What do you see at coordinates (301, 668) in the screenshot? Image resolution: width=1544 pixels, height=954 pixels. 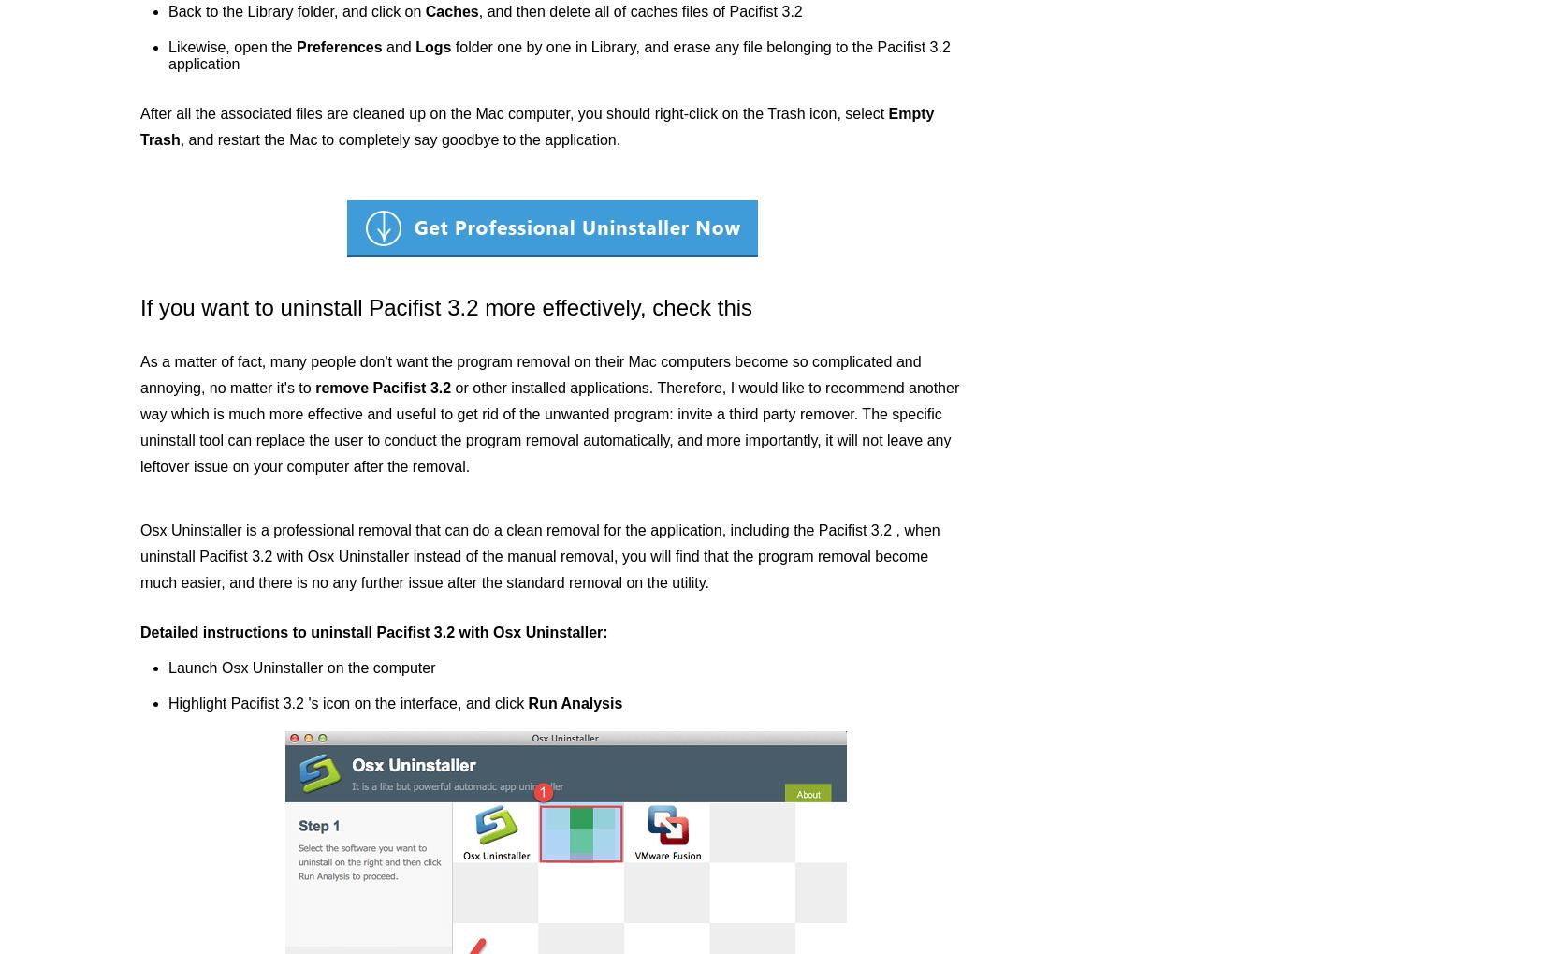 I see `'Launch Osx Uninstaller on the computer'` at bounding box center [301, 668].